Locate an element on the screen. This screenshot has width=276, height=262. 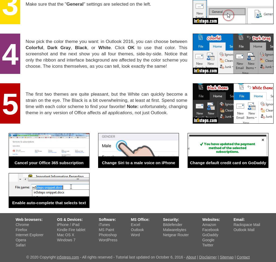
'Contact' is located at coordinates (243, 257).